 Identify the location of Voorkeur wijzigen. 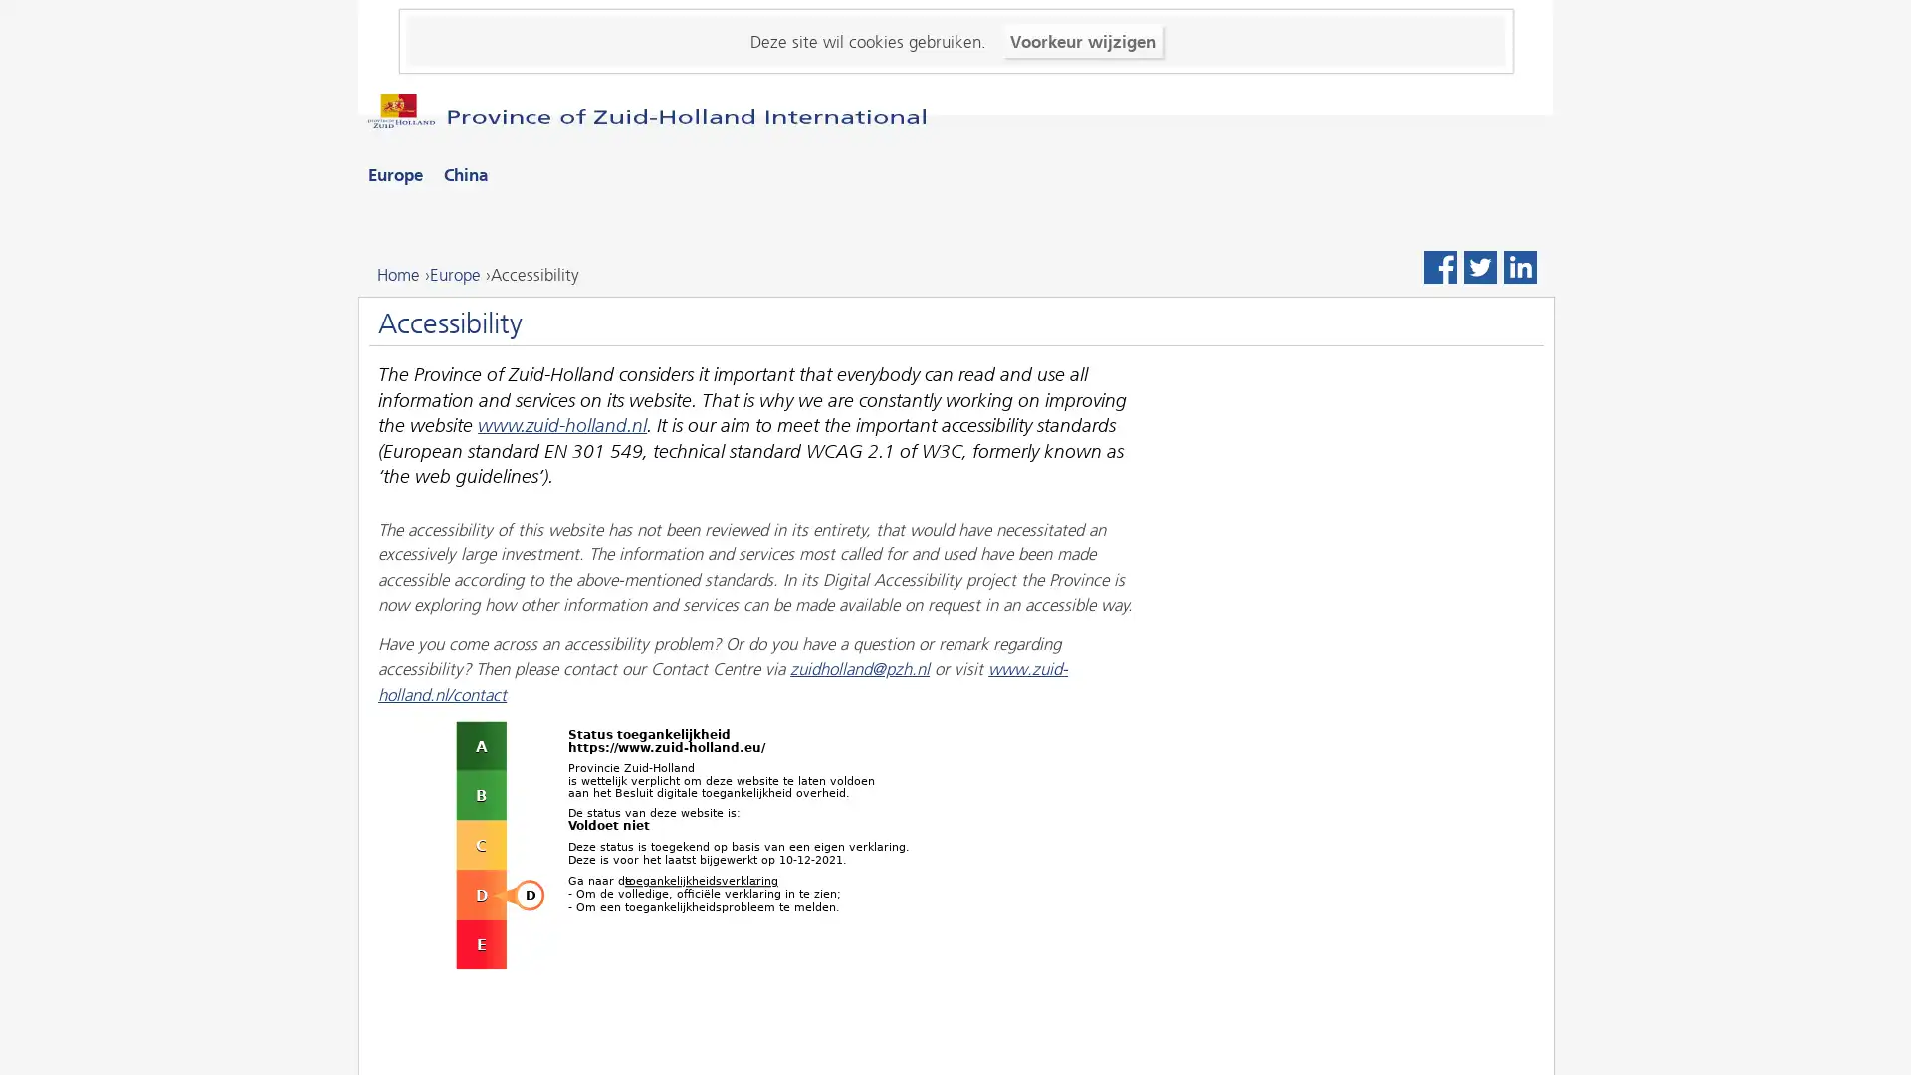
(1080, 40).